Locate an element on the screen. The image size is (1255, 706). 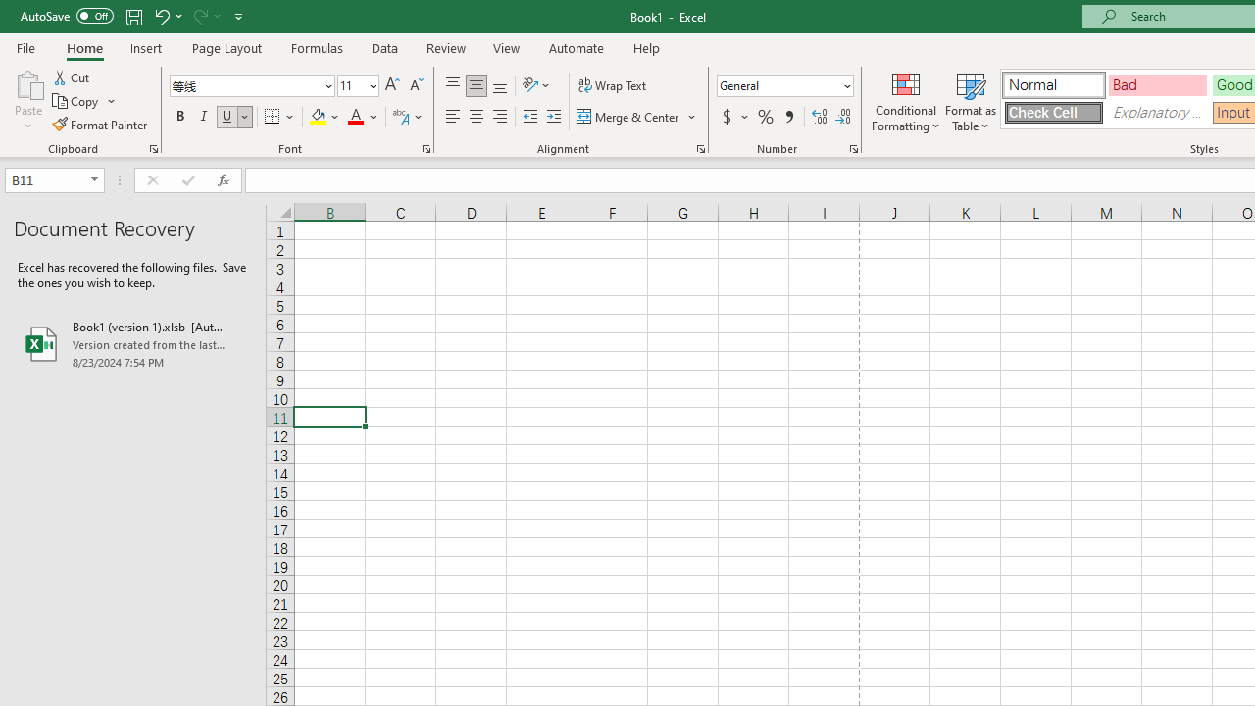
'Bold' is located at coordinates (179, 117).